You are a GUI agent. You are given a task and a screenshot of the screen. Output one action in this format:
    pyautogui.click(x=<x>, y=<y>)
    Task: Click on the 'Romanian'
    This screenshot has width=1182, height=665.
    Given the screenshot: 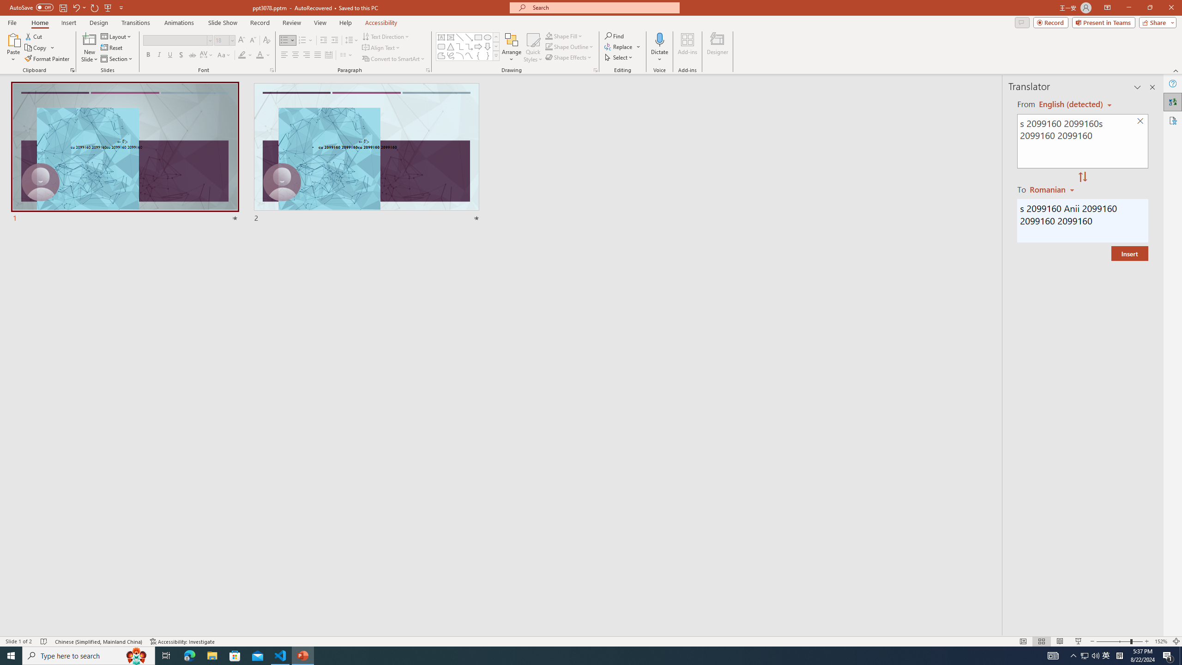 What is the action you would take?
    pyautogui.click(x=1052, y=189)
    